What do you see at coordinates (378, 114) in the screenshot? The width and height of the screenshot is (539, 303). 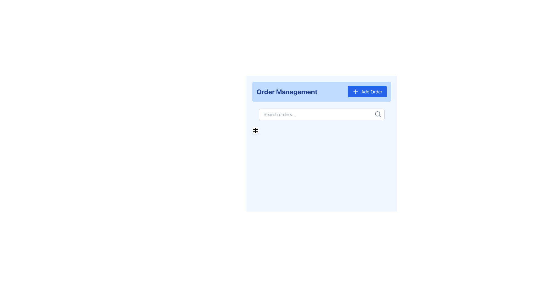 I see `the search icon located at the top-right corner of the search bar, adjacent to the input field labeled 'Search orders...'` at bounding box center [378, 114].